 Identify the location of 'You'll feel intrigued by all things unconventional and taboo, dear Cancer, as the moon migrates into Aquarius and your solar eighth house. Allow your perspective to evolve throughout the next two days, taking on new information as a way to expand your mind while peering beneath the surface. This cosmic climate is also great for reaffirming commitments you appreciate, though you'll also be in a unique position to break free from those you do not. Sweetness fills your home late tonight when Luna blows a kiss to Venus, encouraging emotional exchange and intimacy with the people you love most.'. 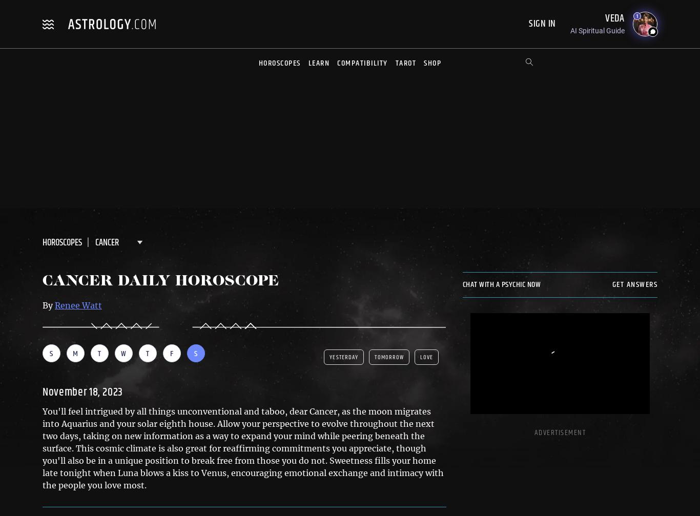
(243, 447).